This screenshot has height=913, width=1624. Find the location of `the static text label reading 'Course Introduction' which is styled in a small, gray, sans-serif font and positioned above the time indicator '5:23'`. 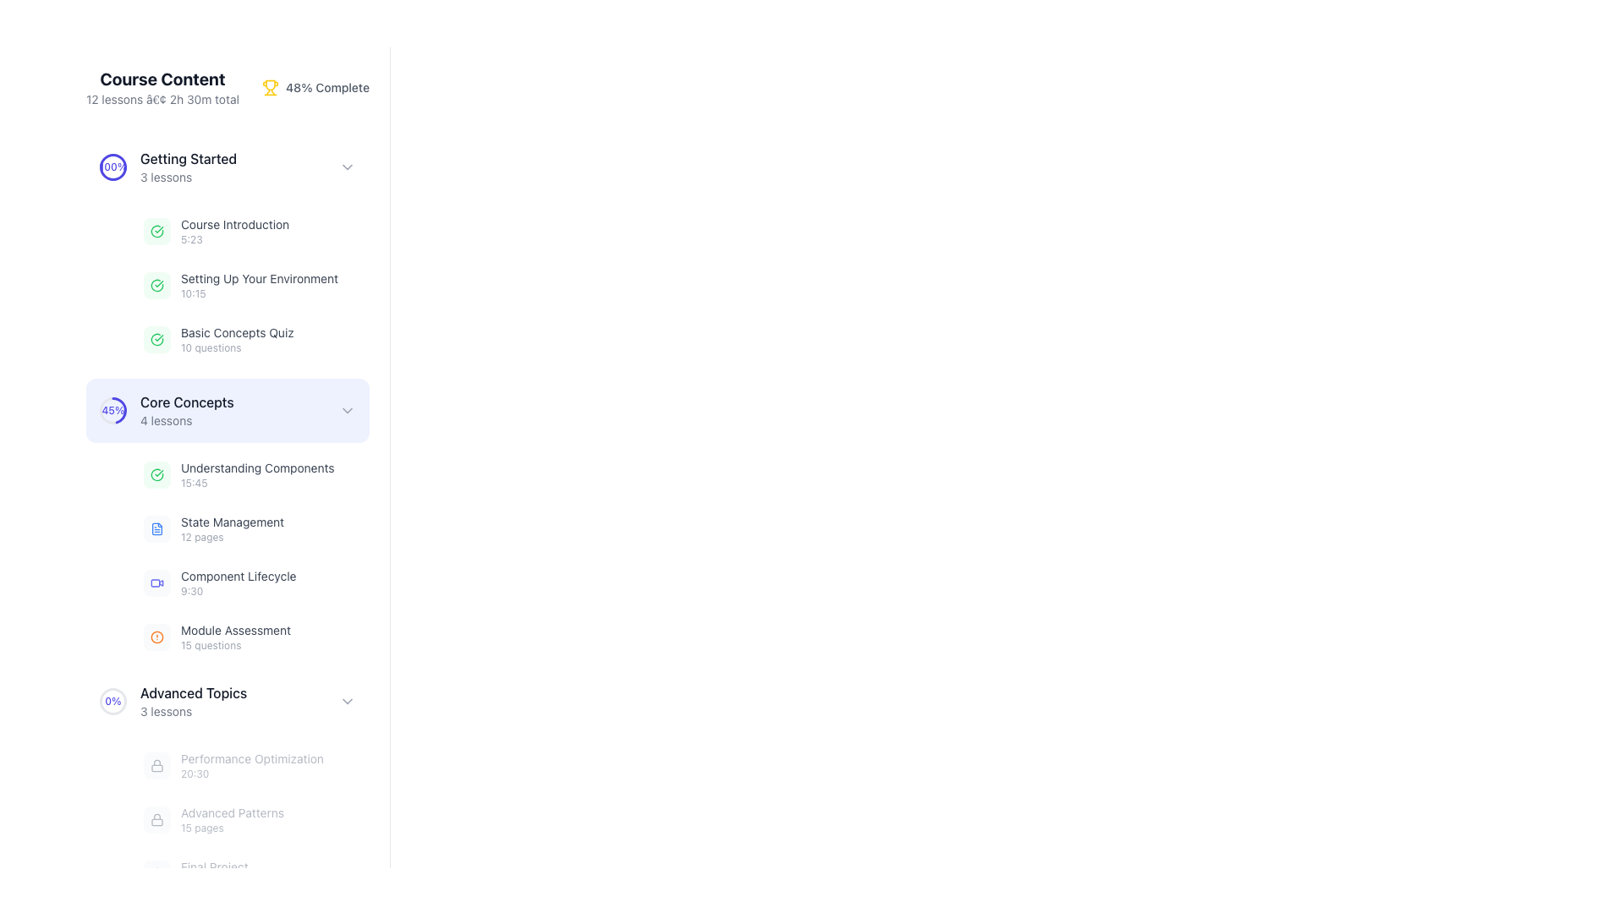

the static text label reading 'Course Introduction' which is styled in a small, gray, sans-serif font and positioned above the time indicator '5:23' is located at coordinates (234, 224).